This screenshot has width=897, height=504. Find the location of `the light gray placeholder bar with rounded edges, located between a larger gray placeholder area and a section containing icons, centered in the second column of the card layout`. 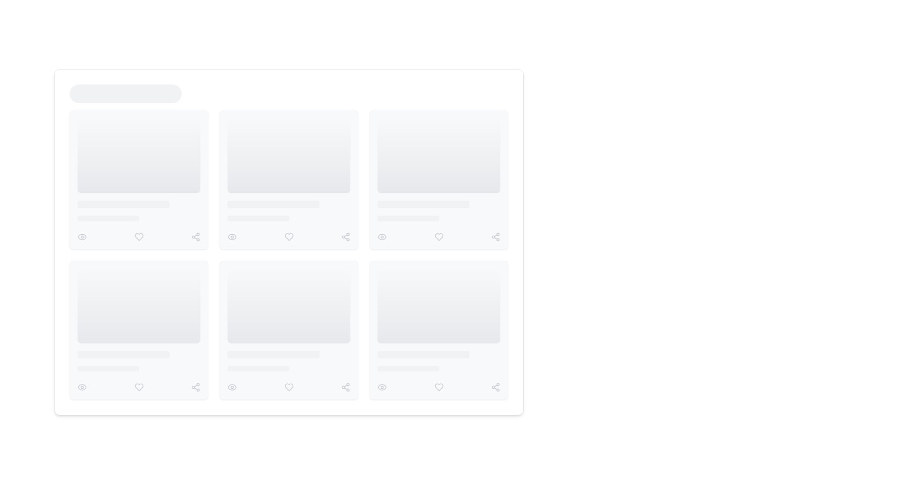

the light gray placeholder bar with rounded edges, located between a larger gray placeholder area and a section containing icons, centered in the second column of the card layout is located at coordinates (423, 204).